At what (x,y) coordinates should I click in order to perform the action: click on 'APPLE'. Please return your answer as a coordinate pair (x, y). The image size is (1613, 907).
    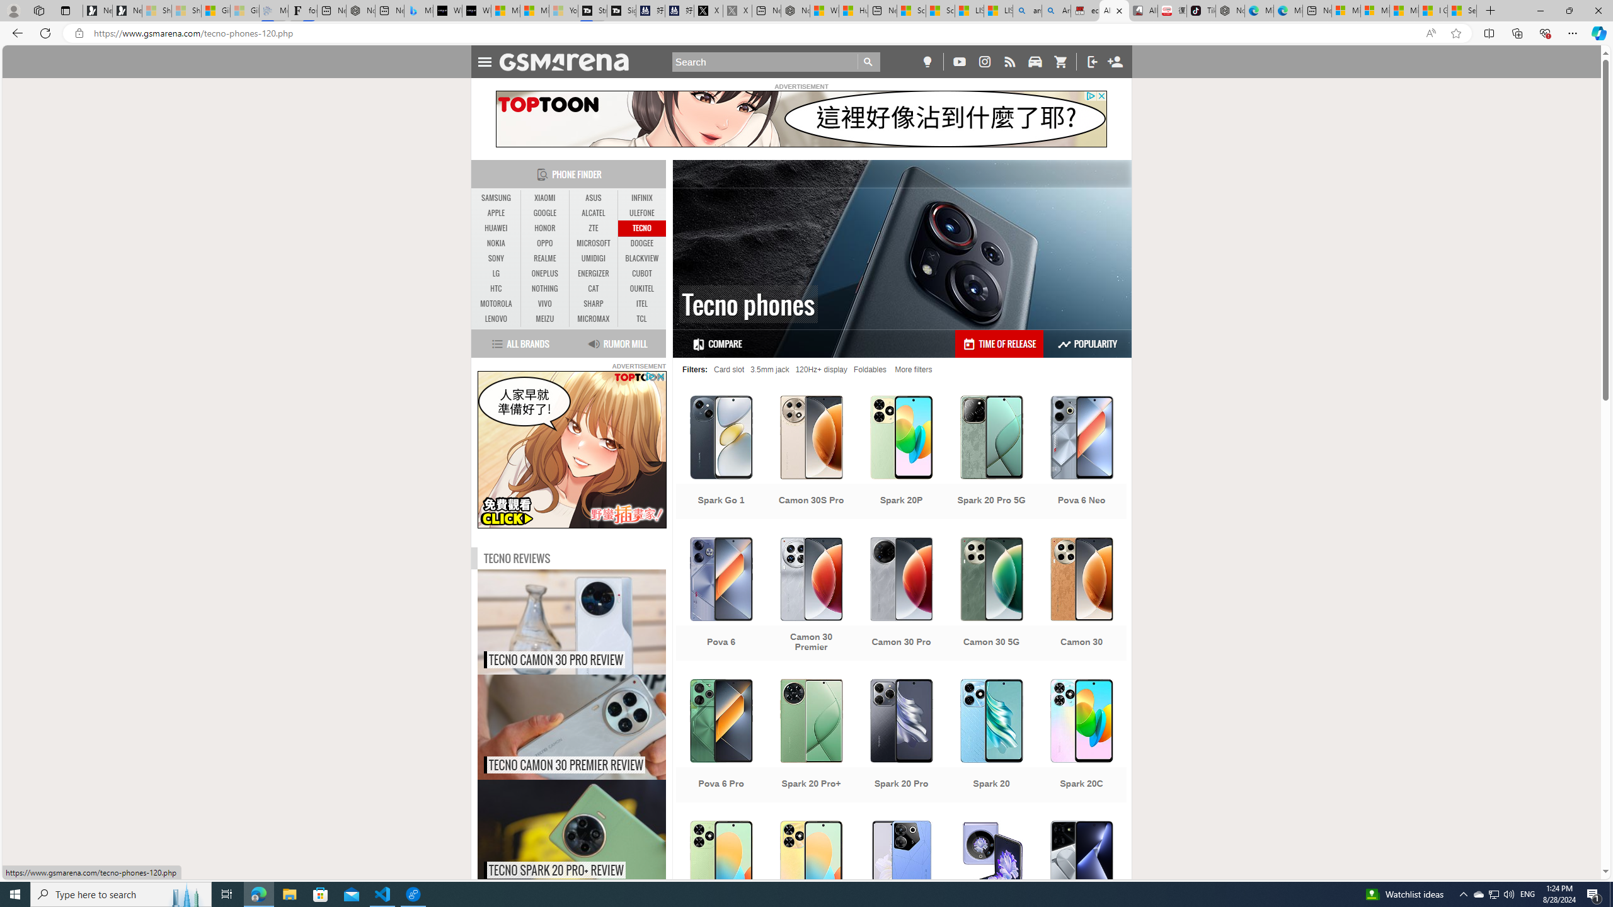
    Looking at the image, I should click on (496, 212).